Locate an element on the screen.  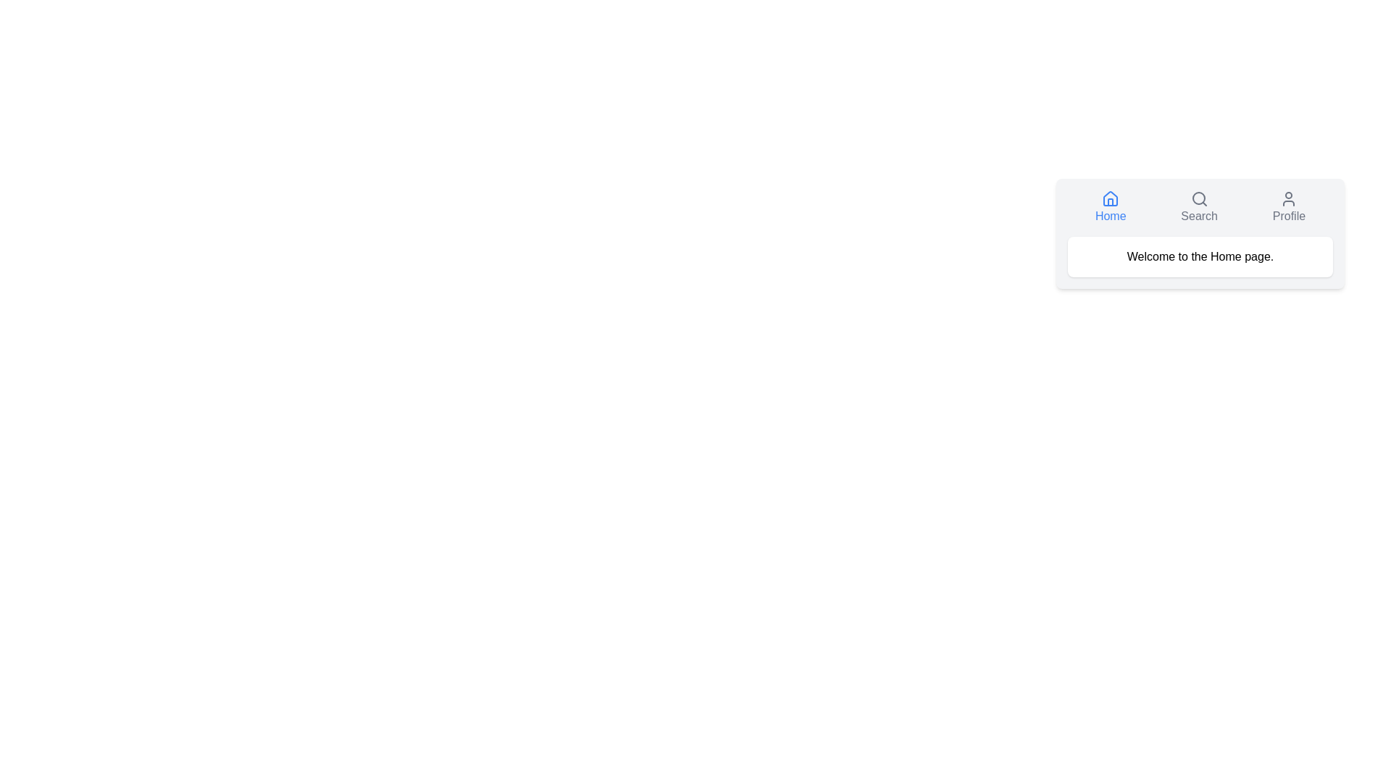
the 'Home' icon located in the top-left corner of the navigation bar is located at coordinates (1110, 198).